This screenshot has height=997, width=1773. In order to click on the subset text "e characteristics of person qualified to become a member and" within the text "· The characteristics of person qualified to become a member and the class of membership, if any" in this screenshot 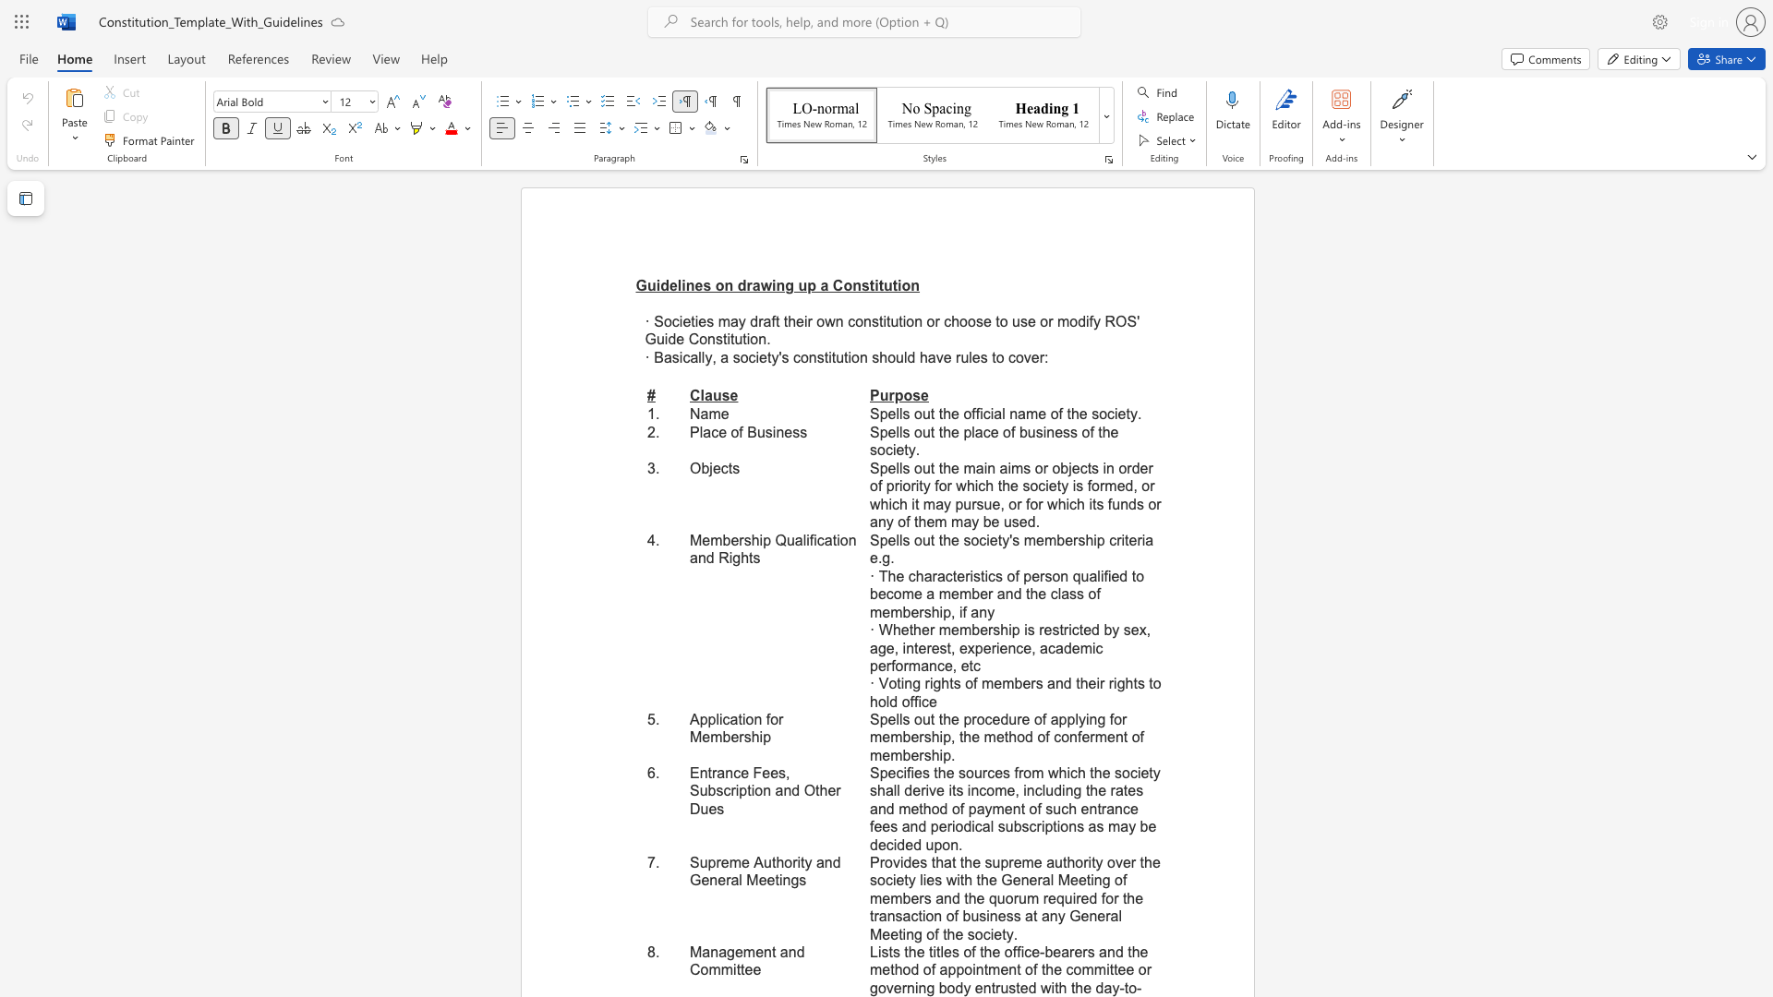, I will do `click(896, 575)`.